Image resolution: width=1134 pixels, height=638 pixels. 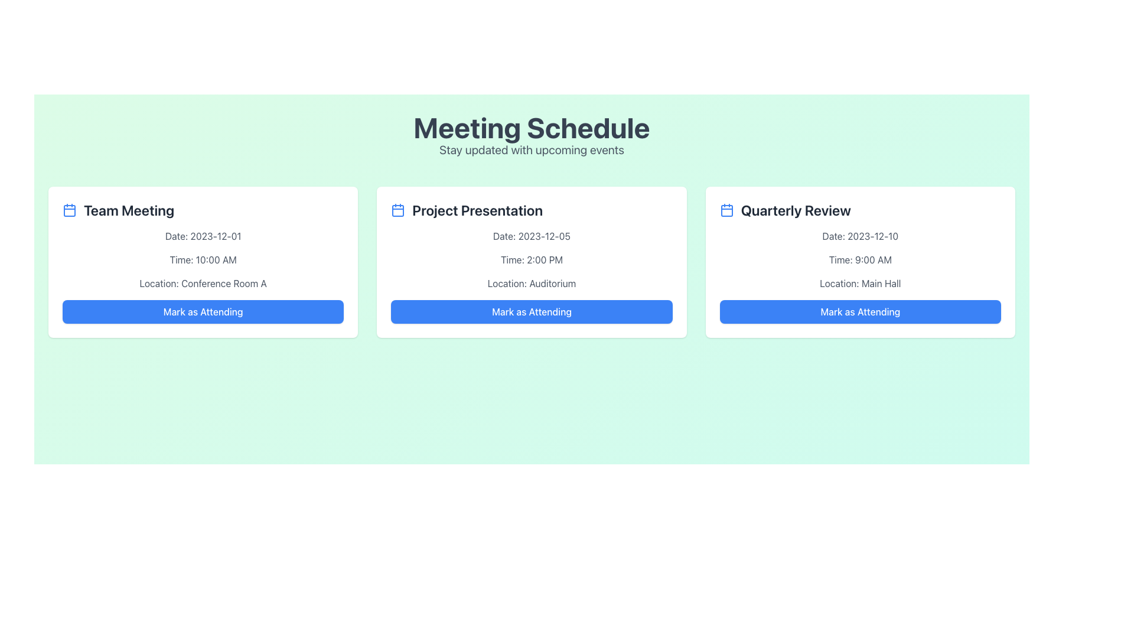 What do you see at coordinates (398, 209) in the screenshot?
I see `the icon located in the central card of the three-card layout beneath the heading 'Meeting Schedule', which indicates the type of event and is positioned above and to the left of the text 'Project Presentation'` at bounding box center [398, 209].